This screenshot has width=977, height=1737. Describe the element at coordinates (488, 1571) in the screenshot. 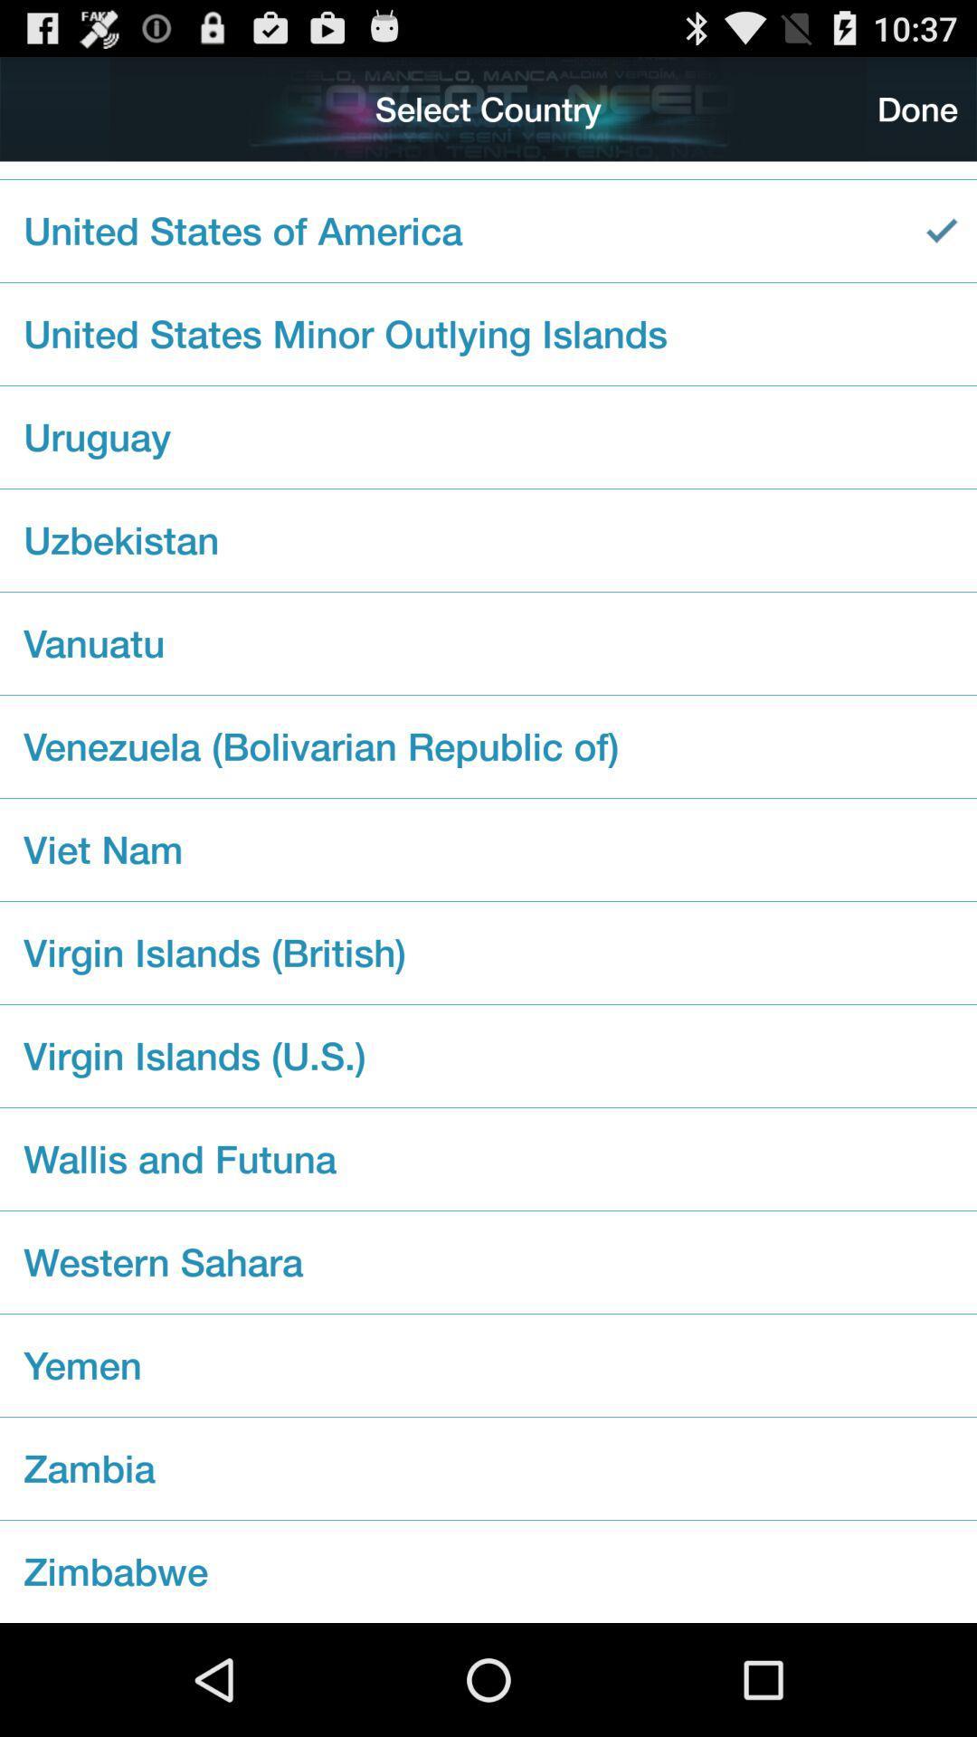

I see `the checkbox below zambia checkbox` at that location.